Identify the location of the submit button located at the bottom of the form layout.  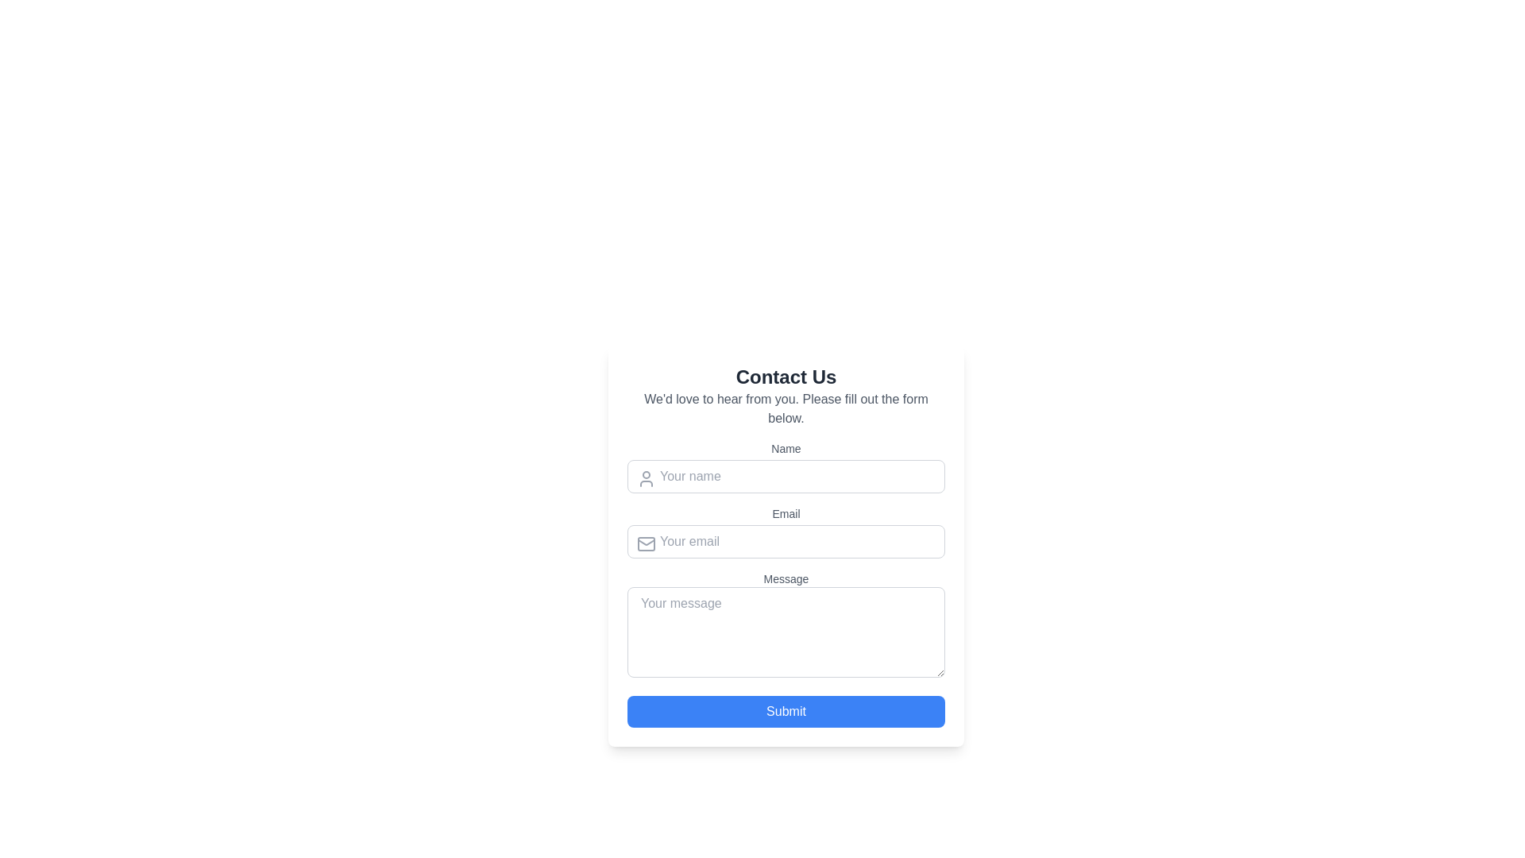
(786, 710).